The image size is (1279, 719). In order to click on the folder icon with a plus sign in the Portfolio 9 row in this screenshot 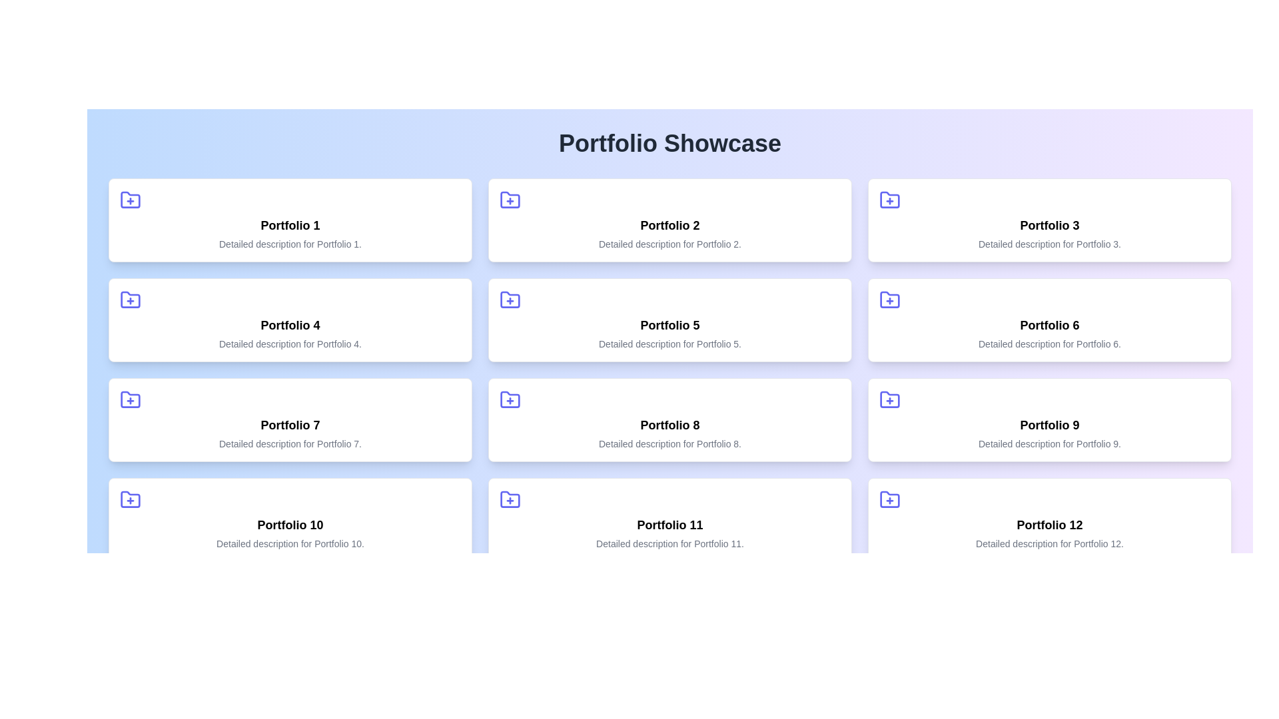, I will do `click(889, 399)`.